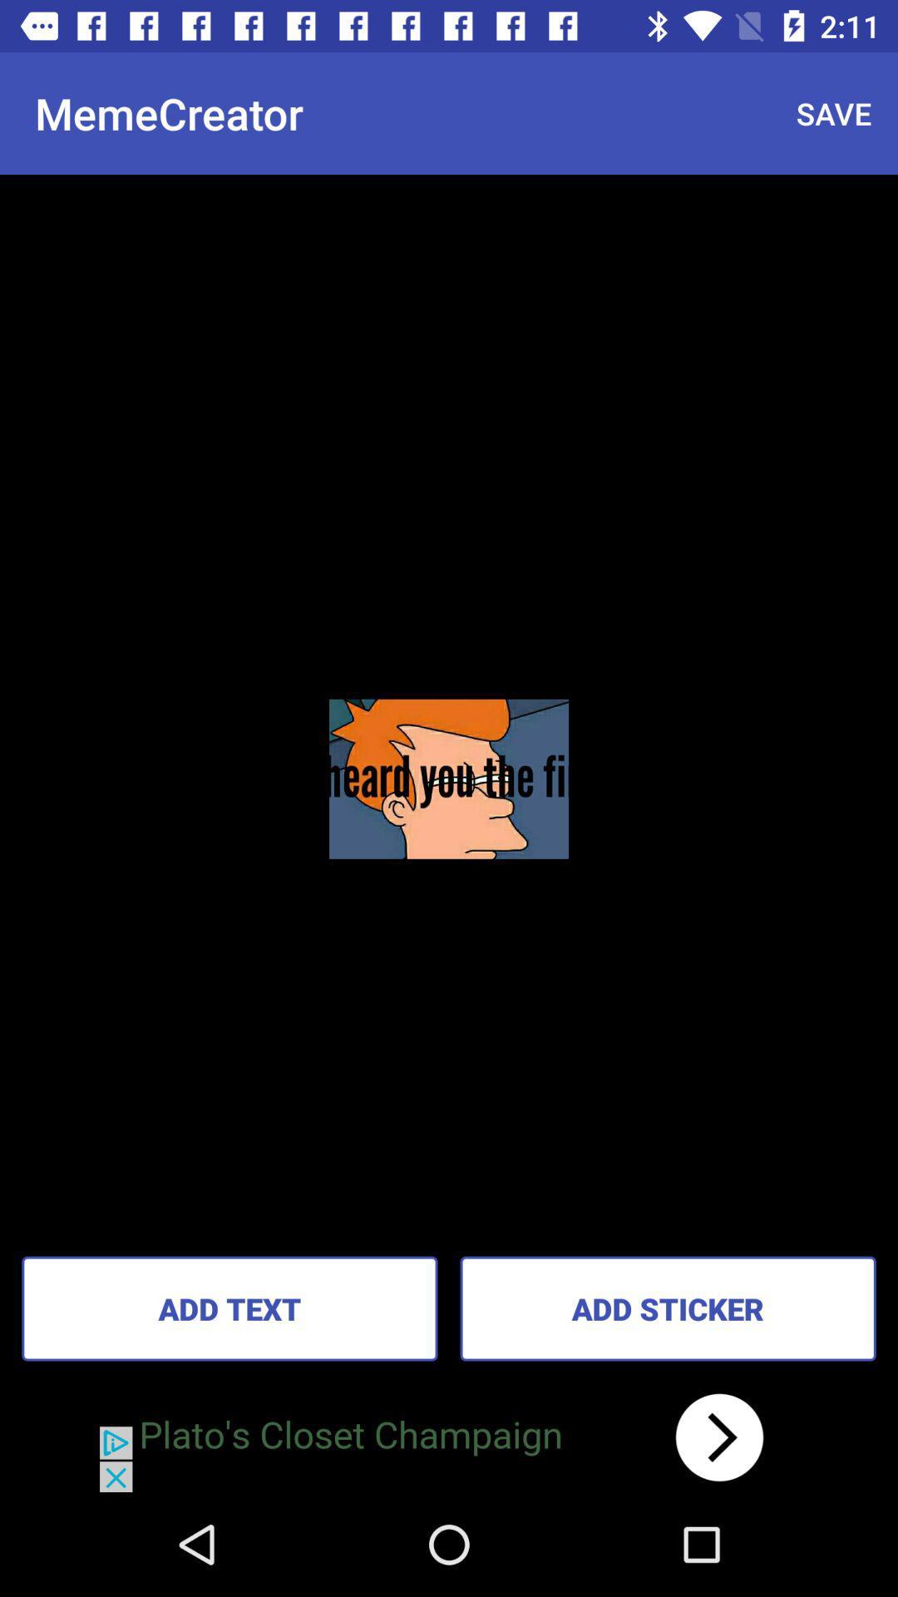  What do you see at coordinates (449, 1436) in the screenshot?
I see `open advertisement` at bounding box center [449, 1436].